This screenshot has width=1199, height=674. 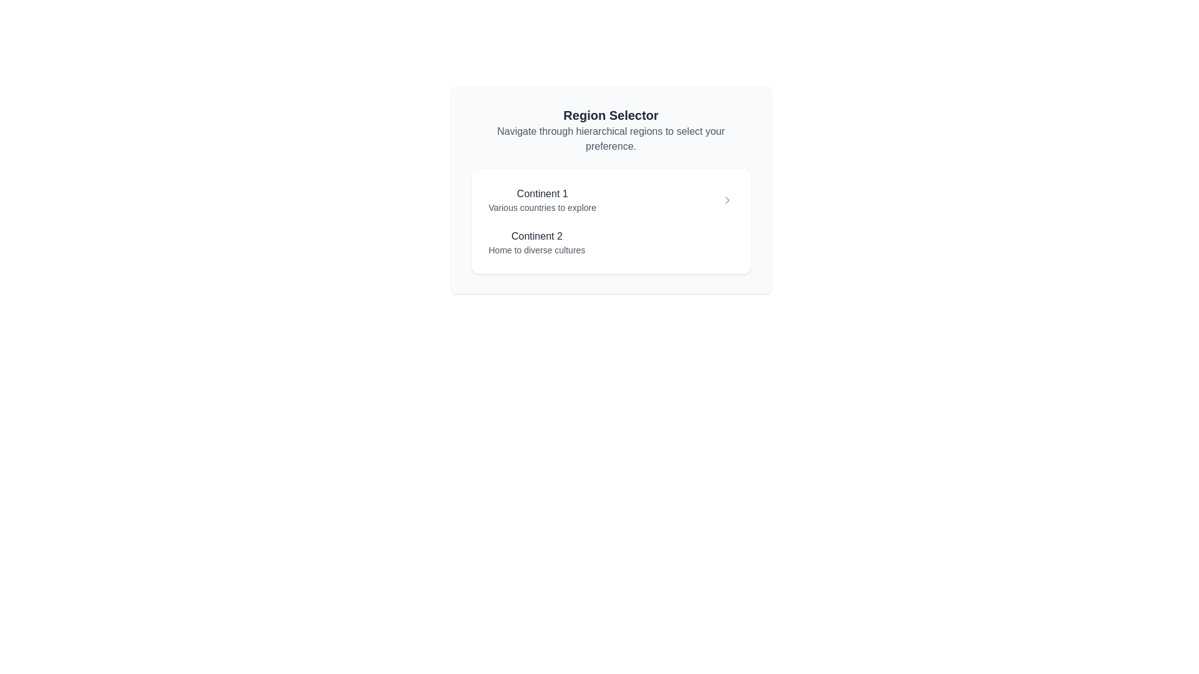 What do you see at coordinates (542, 194) in the screenshot?
I see `the Static Text Label that serves as a title for a selectable region, positioned at the center of a white card-like section` at bounding box center [542, 194].